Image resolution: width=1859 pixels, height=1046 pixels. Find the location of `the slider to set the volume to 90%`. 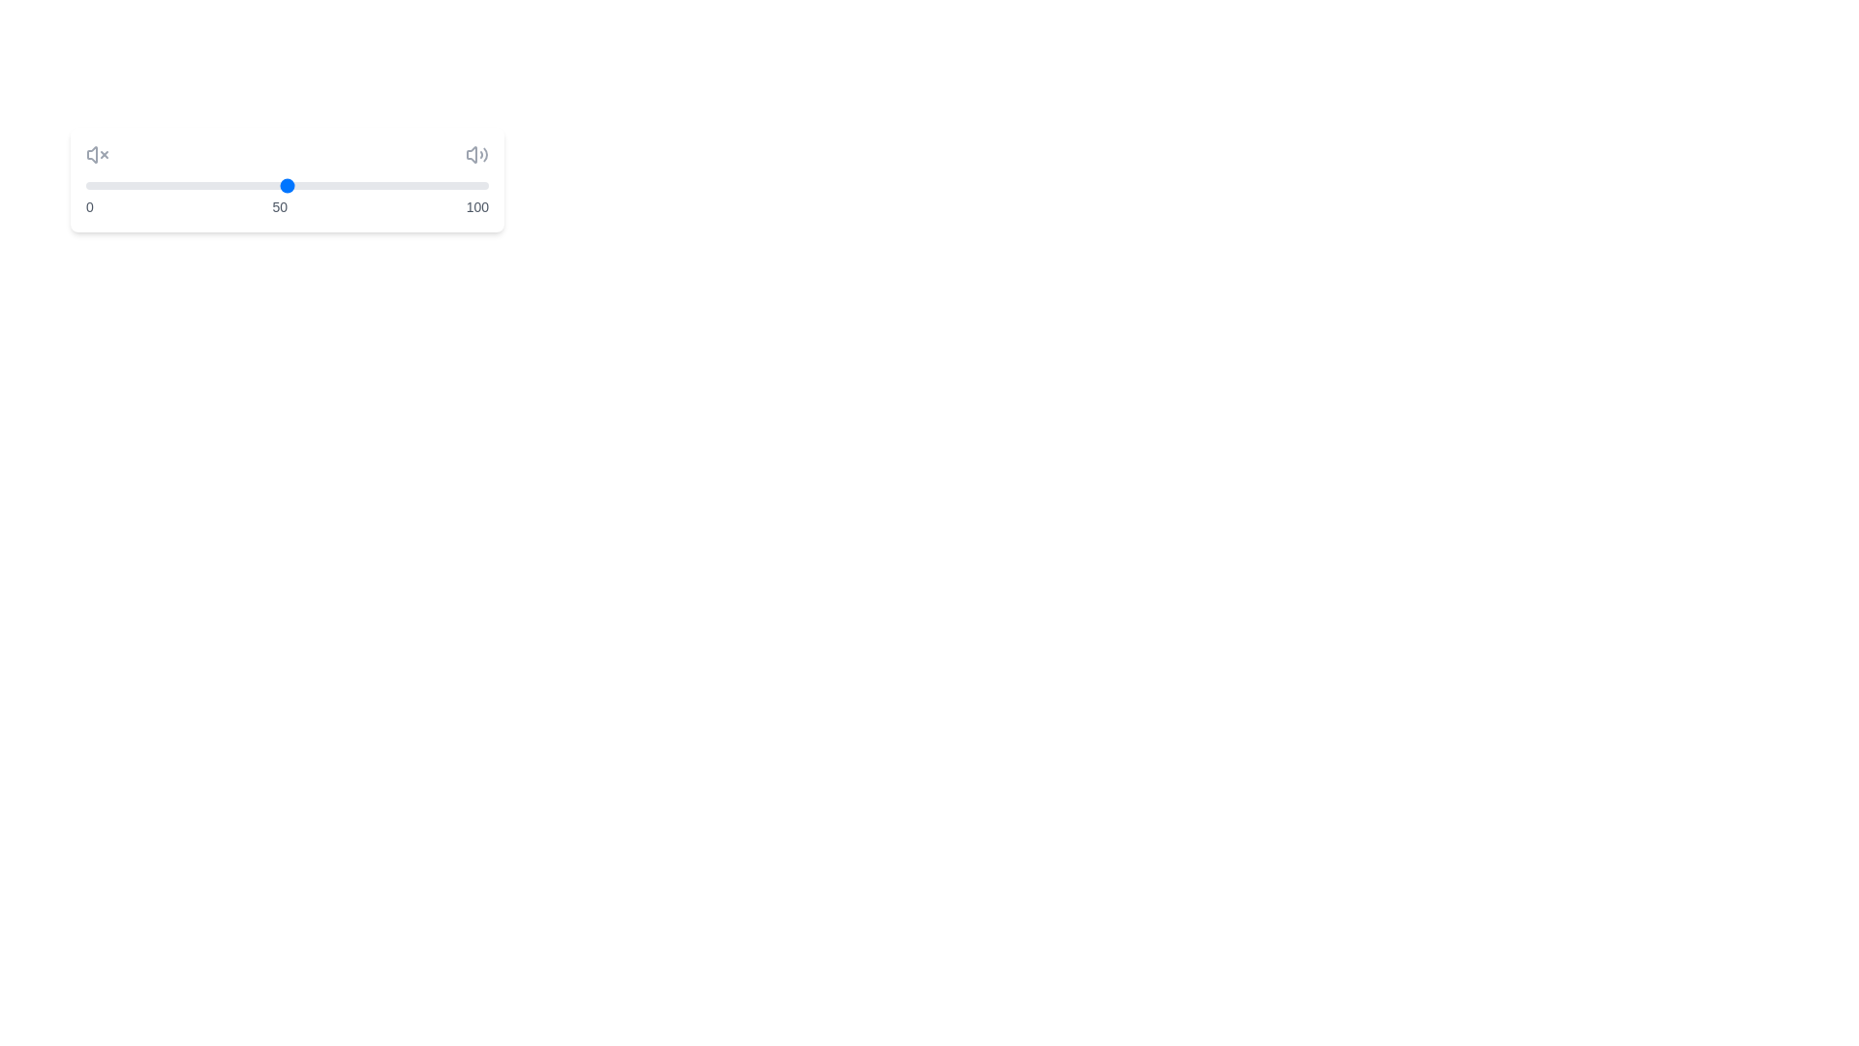

the slider to set the volume to 90% is located at coordinates (447, 186).